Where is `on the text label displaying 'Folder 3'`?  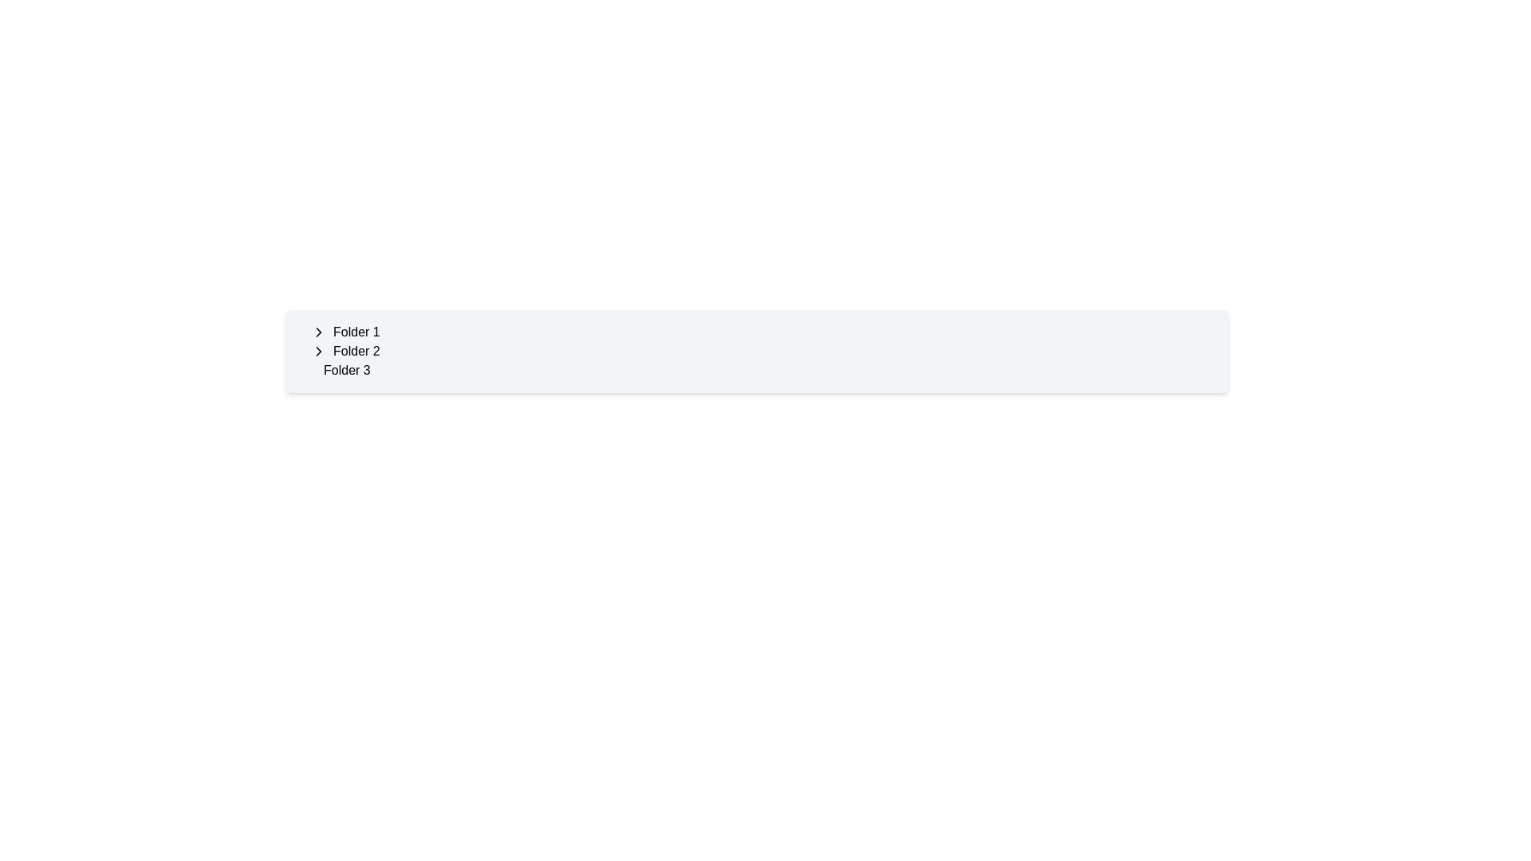 on the text label displaying 'Folder 3' is located at coordinates (346, 371).